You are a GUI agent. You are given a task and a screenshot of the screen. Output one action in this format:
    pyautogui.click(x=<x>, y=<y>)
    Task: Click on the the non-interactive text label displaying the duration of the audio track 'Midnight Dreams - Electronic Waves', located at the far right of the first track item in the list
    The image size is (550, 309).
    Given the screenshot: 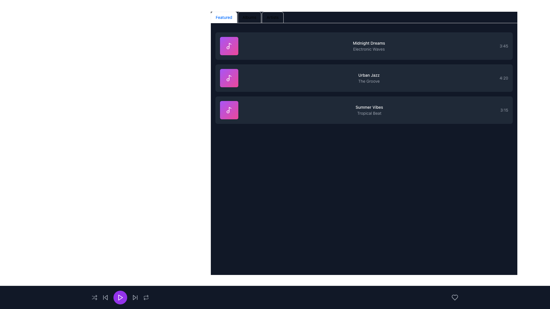 What is the action you would take?
    pyautogui.click(x=503, y=46)
    